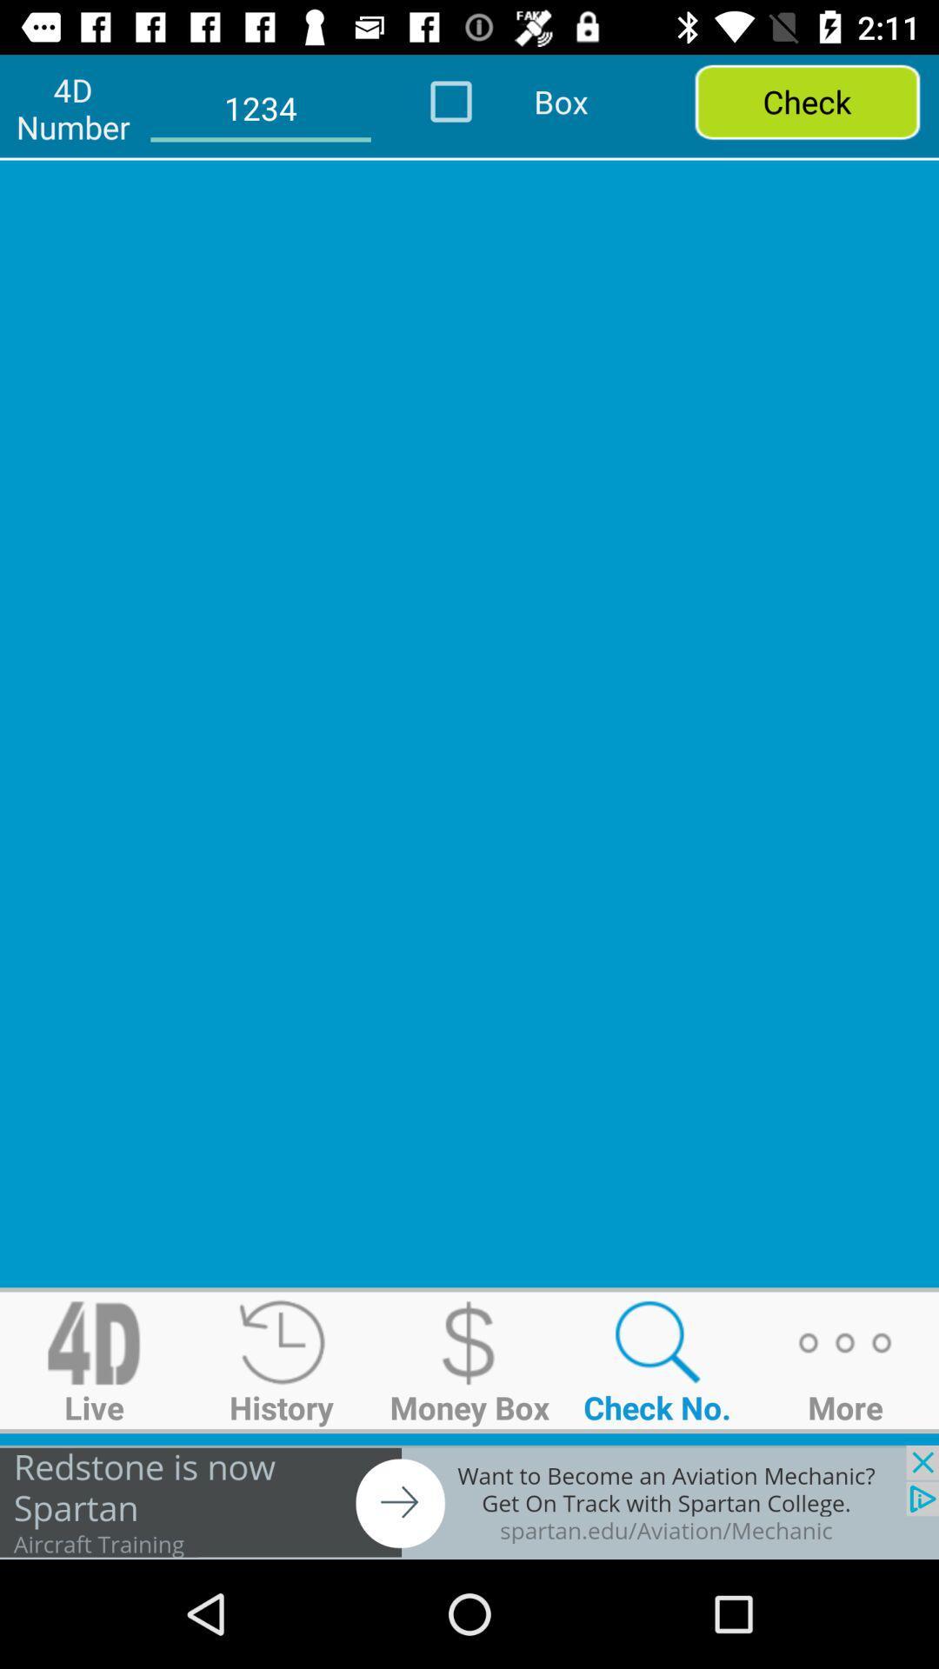 The height and width of the screenshot is (1669, 939). Describe the element at coordinates (474, 100) in the screenshot. I see `the square box option` at that location.